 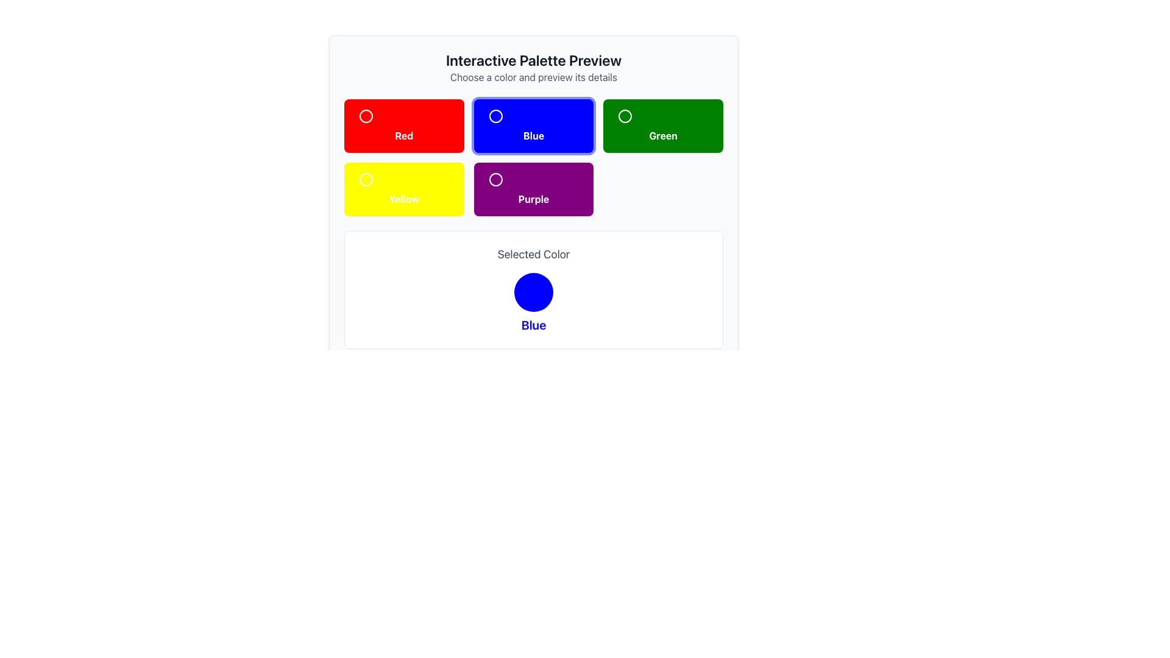 What do you see at coordinates (533, 179) in the screenshot?
I see `SVG circle icon which is the first component inside the purple rectangular button in the color selection section` at bounding box center [533, 179].